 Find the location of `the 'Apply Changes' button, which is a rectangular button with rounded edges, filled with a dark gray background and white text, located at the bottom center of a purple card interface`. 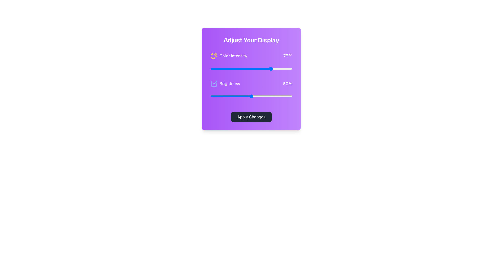

the 'Apply Changes' button, which is a rectangular button with rounded edges, filled with a dark gray background and white text, located at the bottom center of a purple card interface is located at coordinates (251, 117).